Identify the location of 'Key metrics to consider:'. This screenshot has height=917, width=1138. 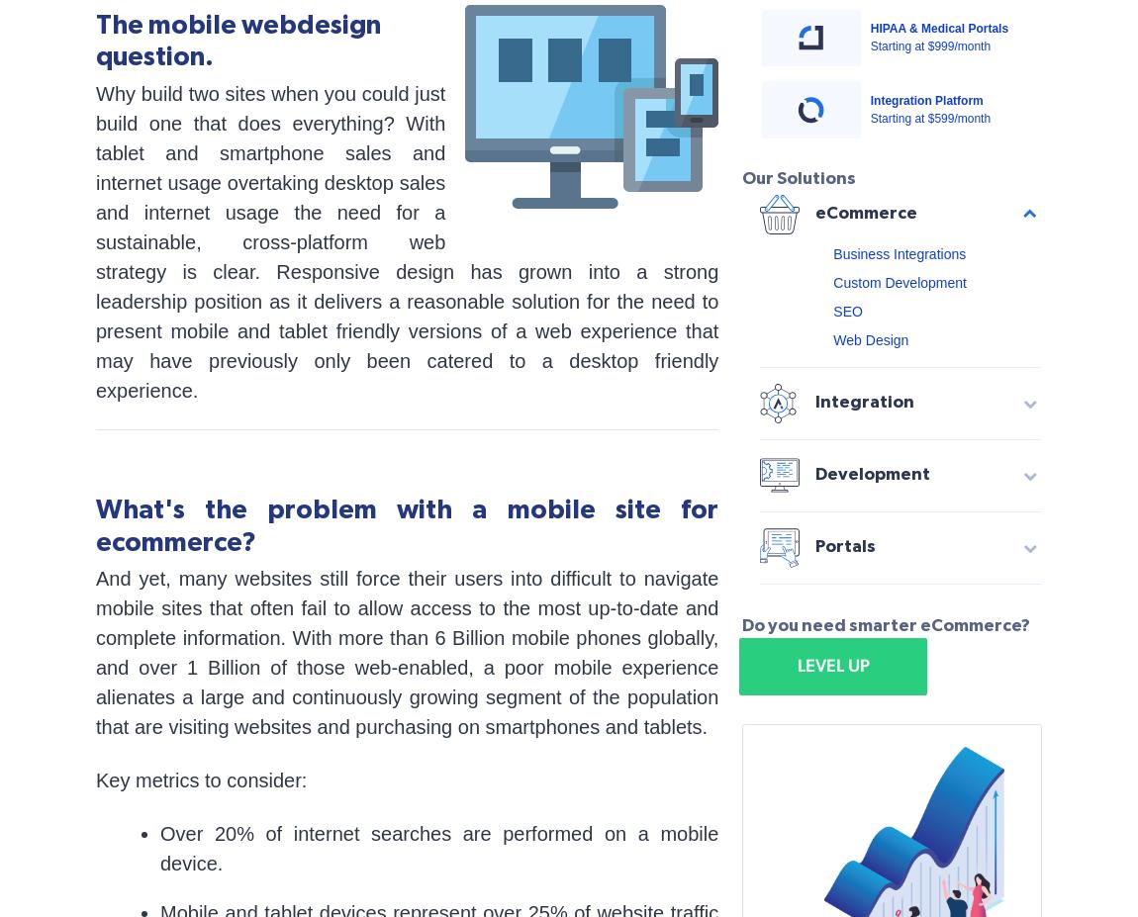
(200, 779).